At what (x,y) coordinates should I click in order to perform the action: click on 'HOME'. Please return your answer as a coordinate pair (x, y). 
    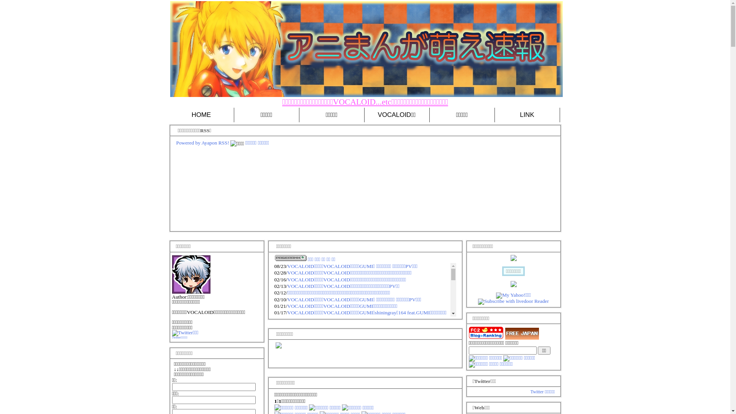
    Looking at the image, I should click on (201, 115).